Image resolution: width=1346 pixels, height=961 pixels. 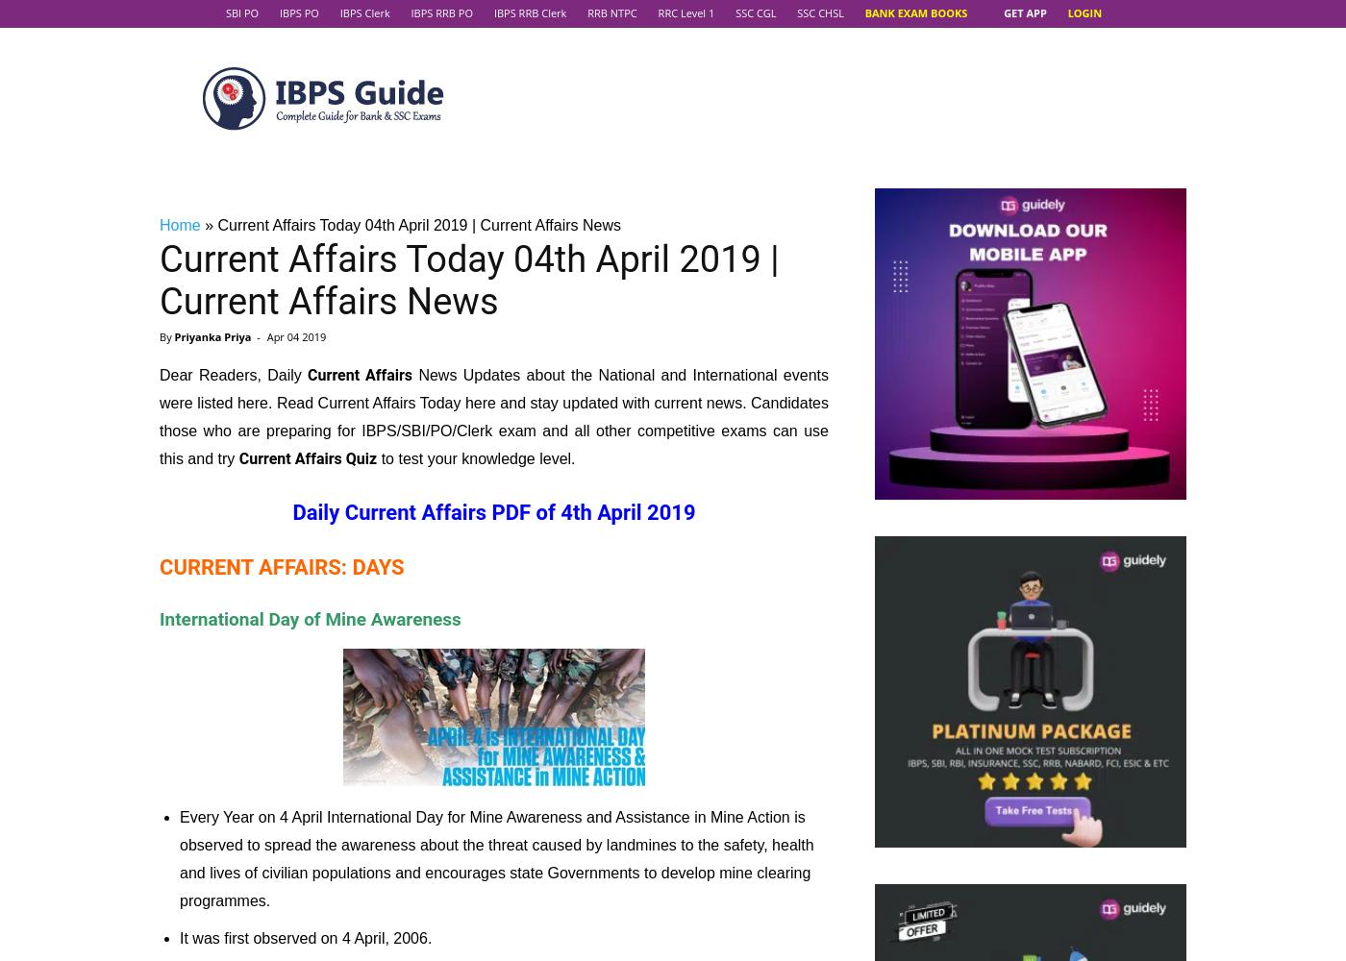 I want to click on 'Indian golfer Shiv Kapur', so click(x=436, y=89).